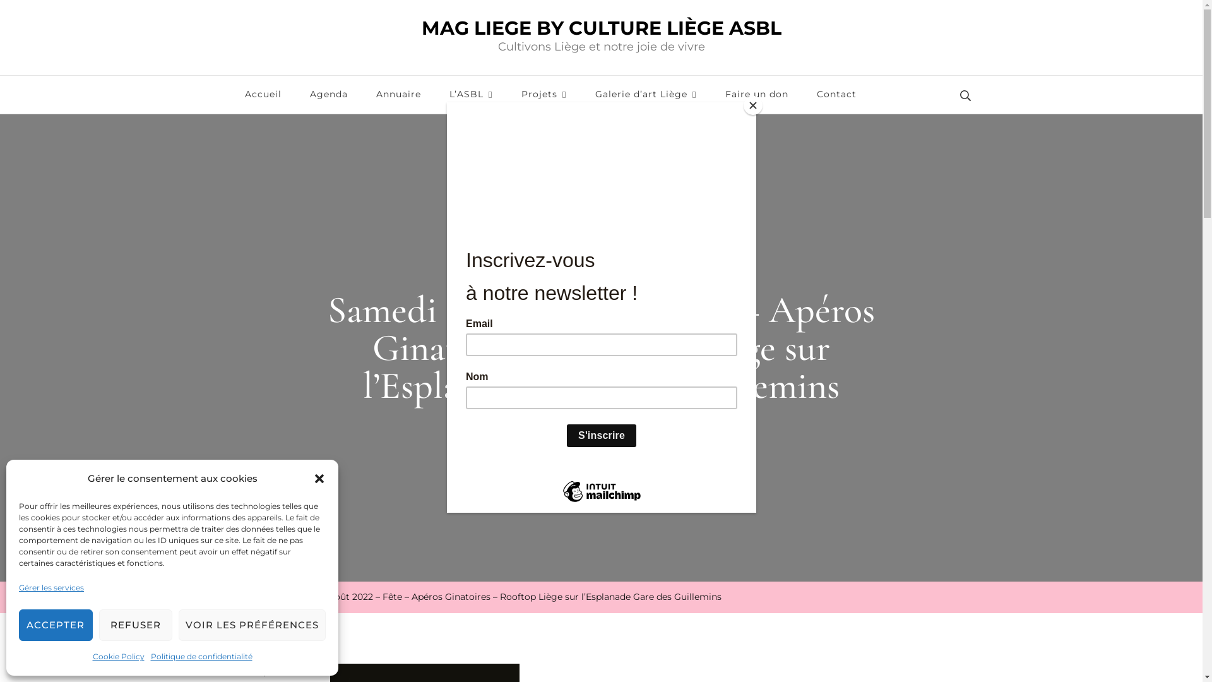 The width and height of the screenshot is (1212, 682). What do you see at coordinates (756, 94) in the screenshot?
I see `'Faire un don'` at bounding box center [756, 94].